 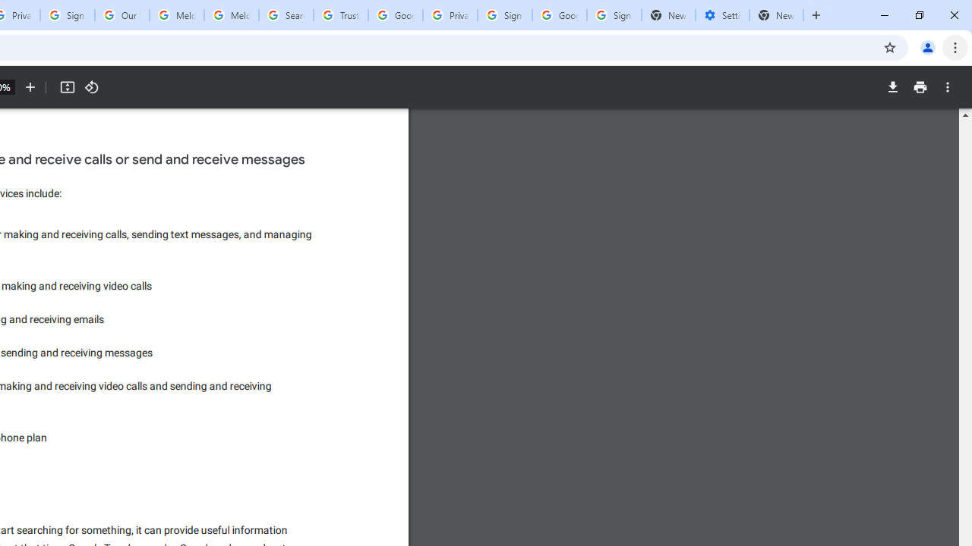 I want to click on 'Download', so click(x=892, y=87).